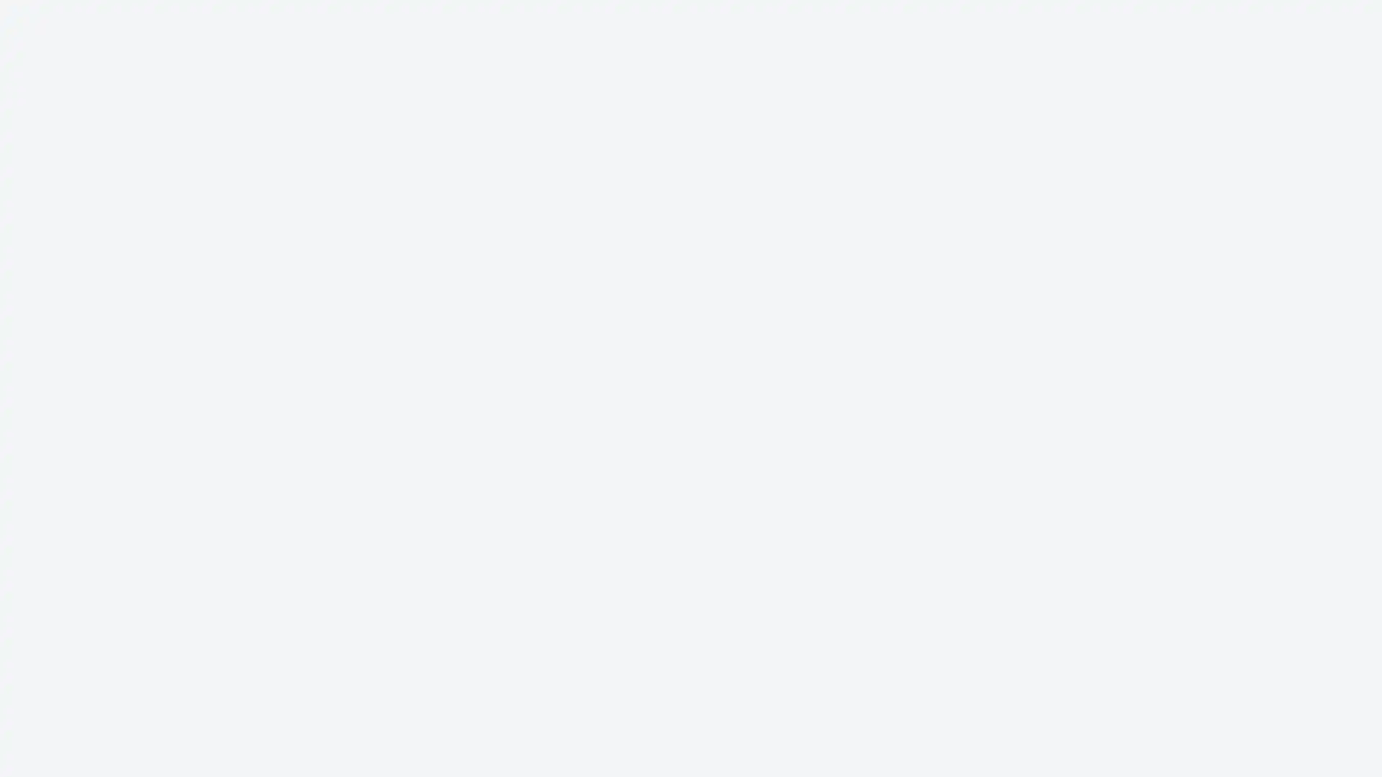 Image resolution: width=1382 pixels, height=777 pixels. What do you see at coordinates (1157, 740) in the screenshot?
I see `Reject` at bounding box center [1157, 740].